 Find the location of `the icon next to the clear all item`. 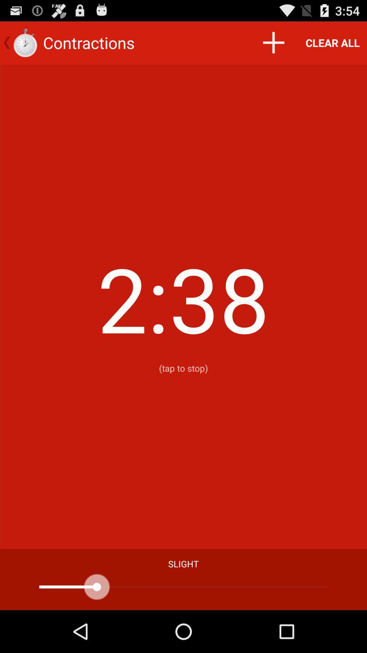

the icon next to the clear all item is located at coordinates (273, 42).